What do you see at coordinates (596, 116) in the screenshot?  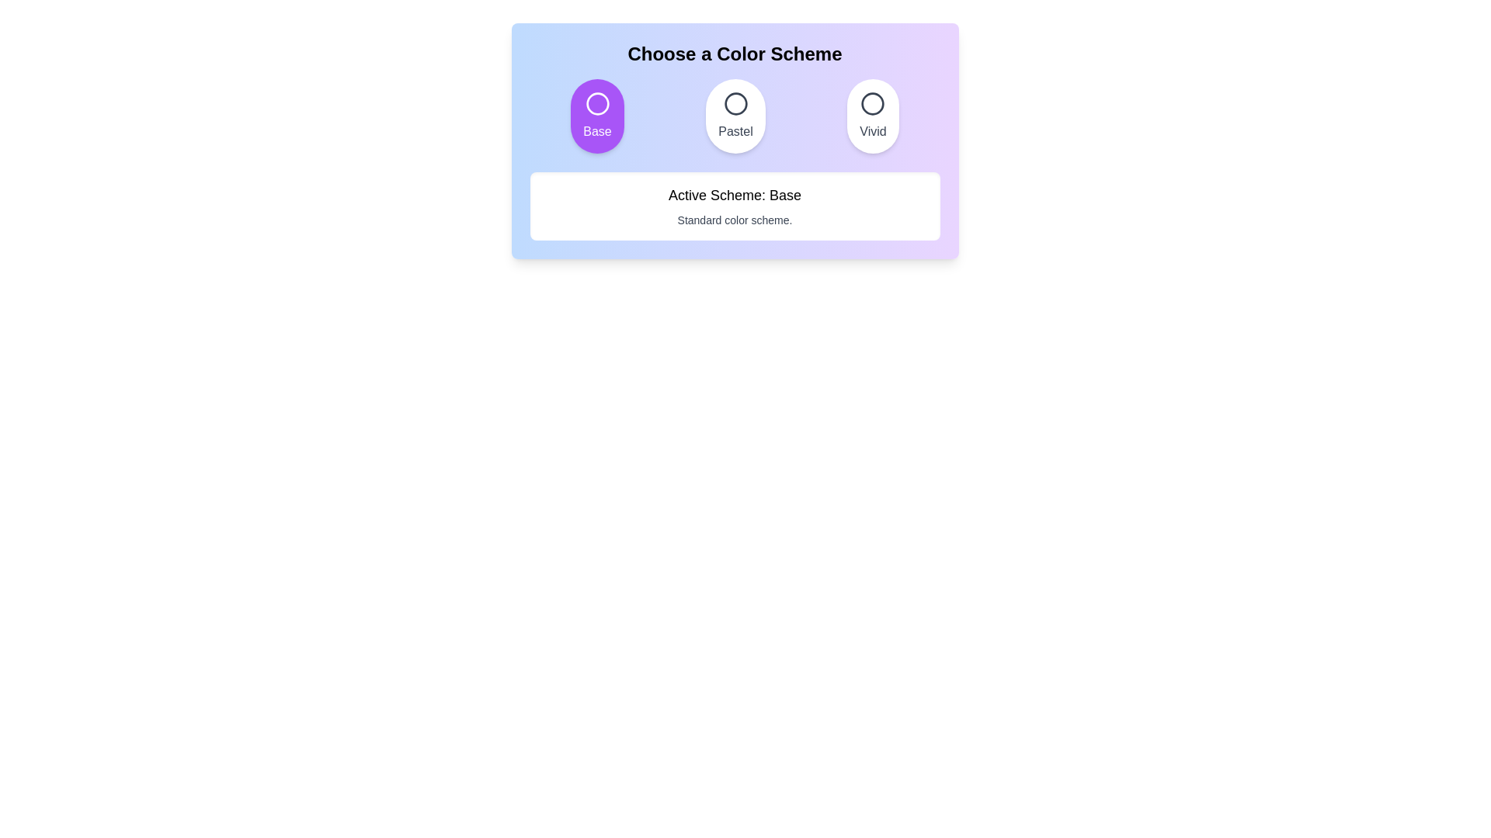 I see `the color scheme Base by clicking its corresponding button` at bounding box center [596, 116].